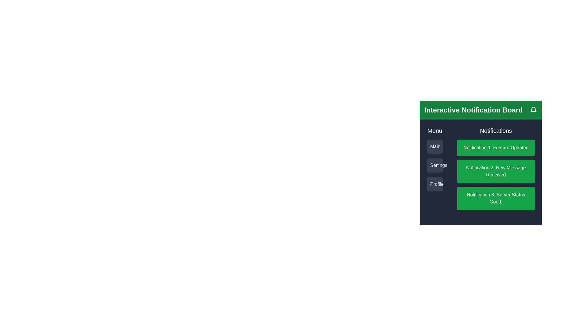  Describe the element at coordinates (473, 110) in the screenshot. I see `text label displaying 'Interactive Notification Board' which is in a bold and large font, colored white on a green background, located in the upper-central part of the interface` at that location.